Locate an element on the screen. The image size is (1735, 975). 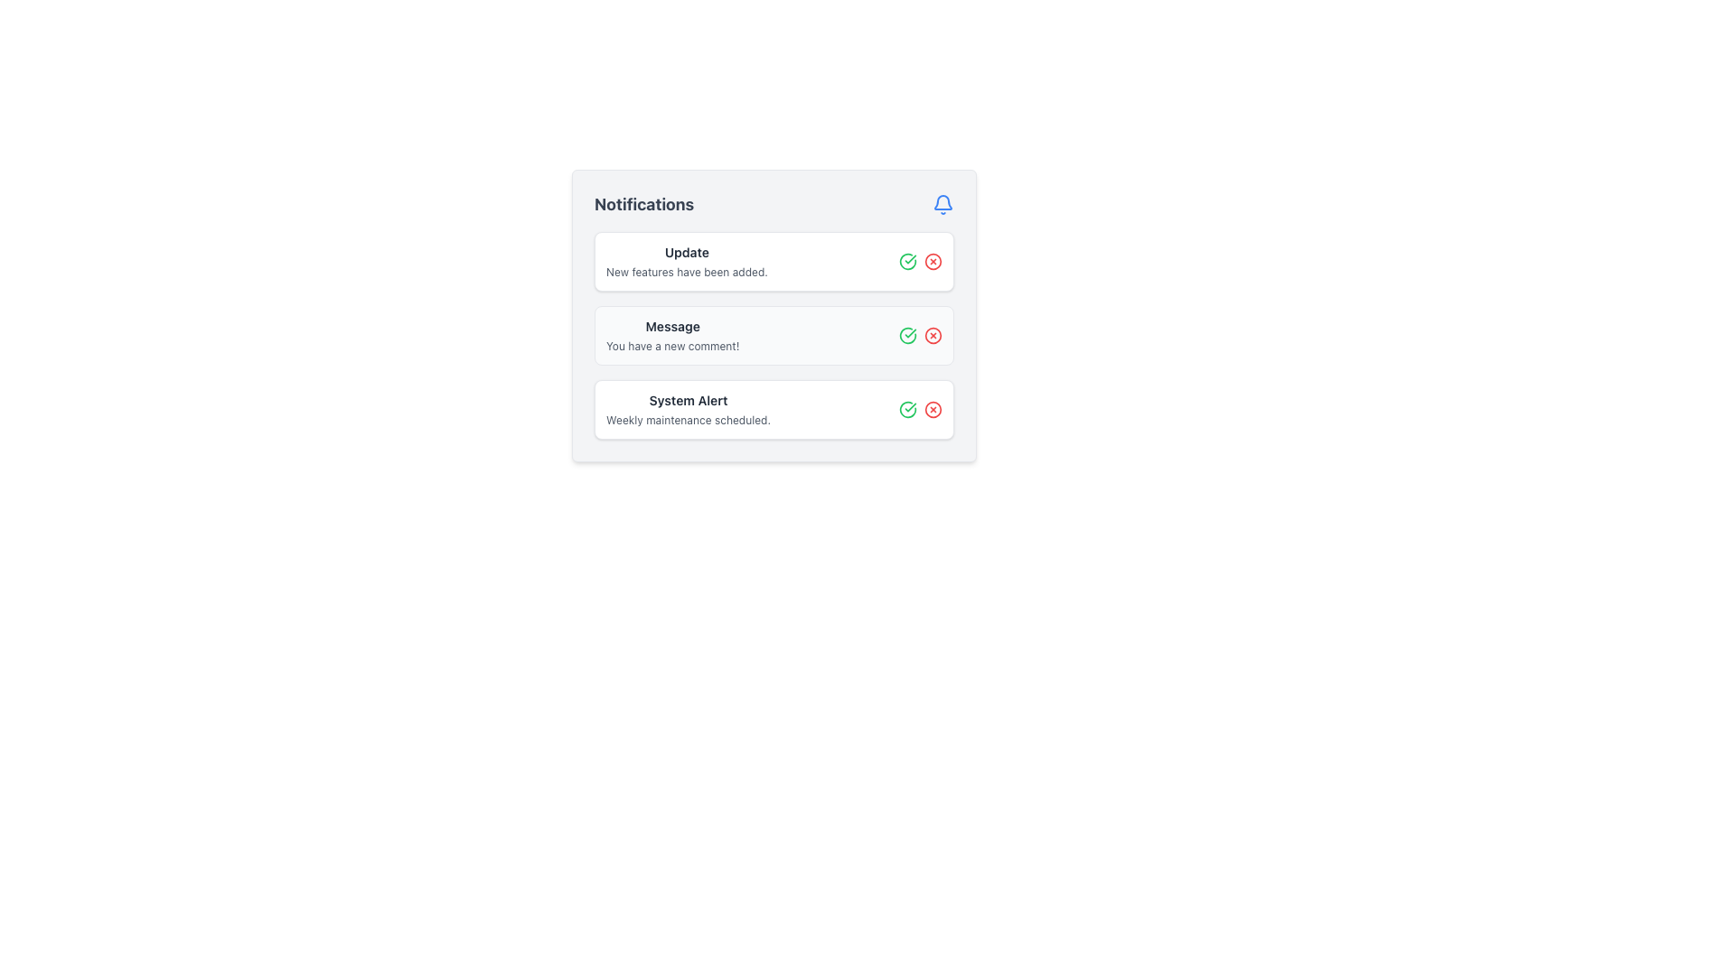
the leftmost button icon in the top notification card within the 'Notifications' section to confirm or approve the action is located at coordinates (907, 261).